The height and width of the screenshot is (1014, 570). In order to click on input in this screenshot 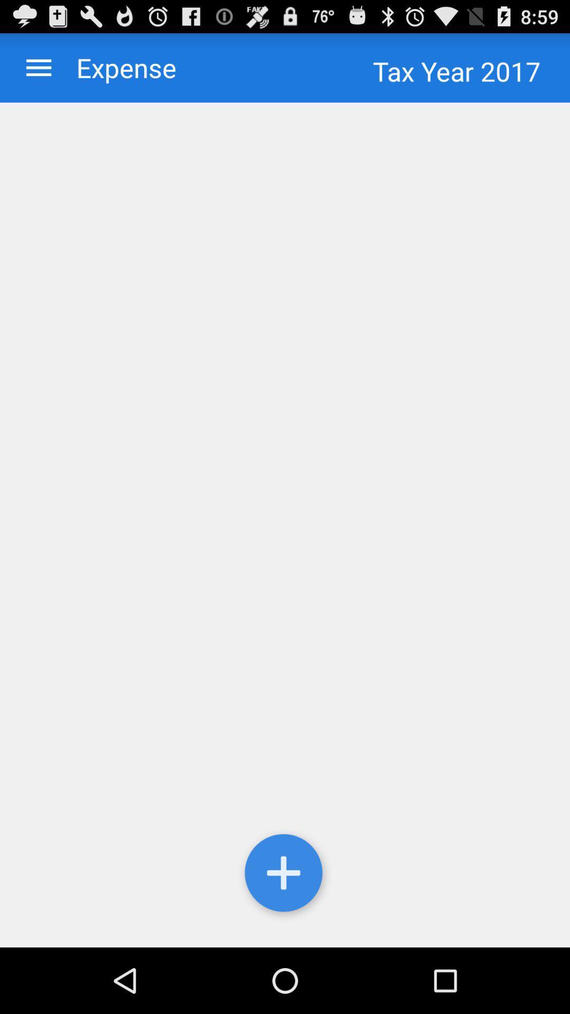, I will do `click(285, 875)`.